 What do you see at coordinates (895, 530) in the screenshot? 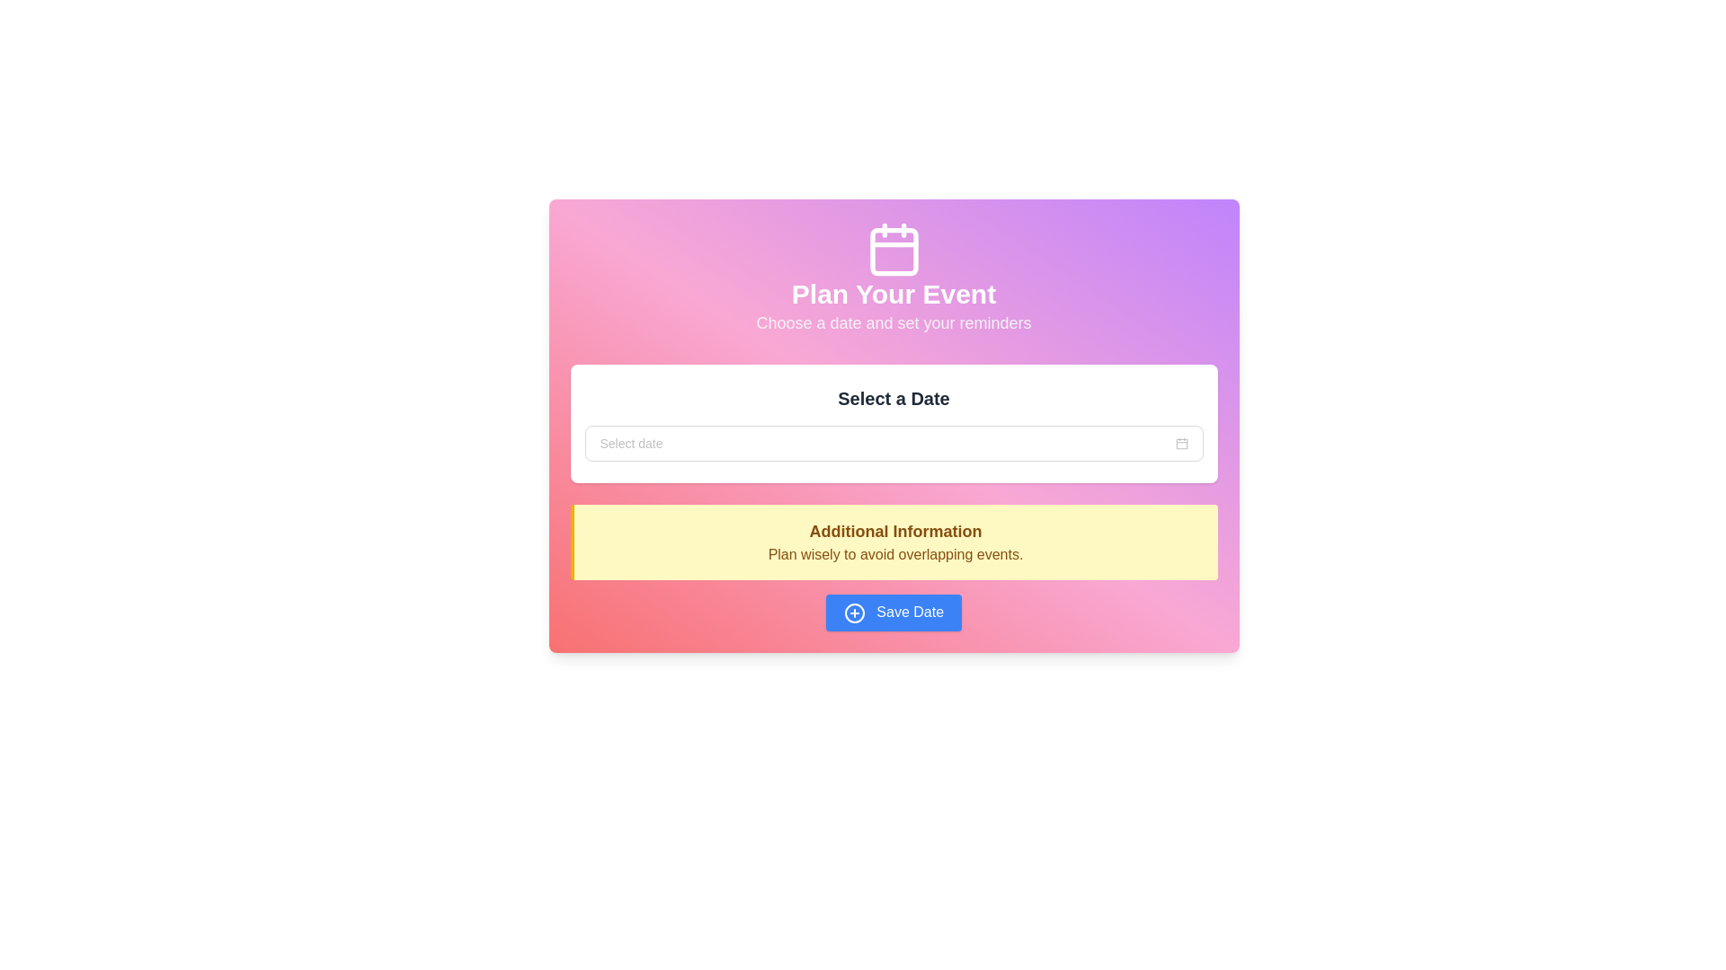
I see `the main header text located within the yellow box, positioned between the date selection field and the 'Save Date' button` at bounding box center [895, 530].